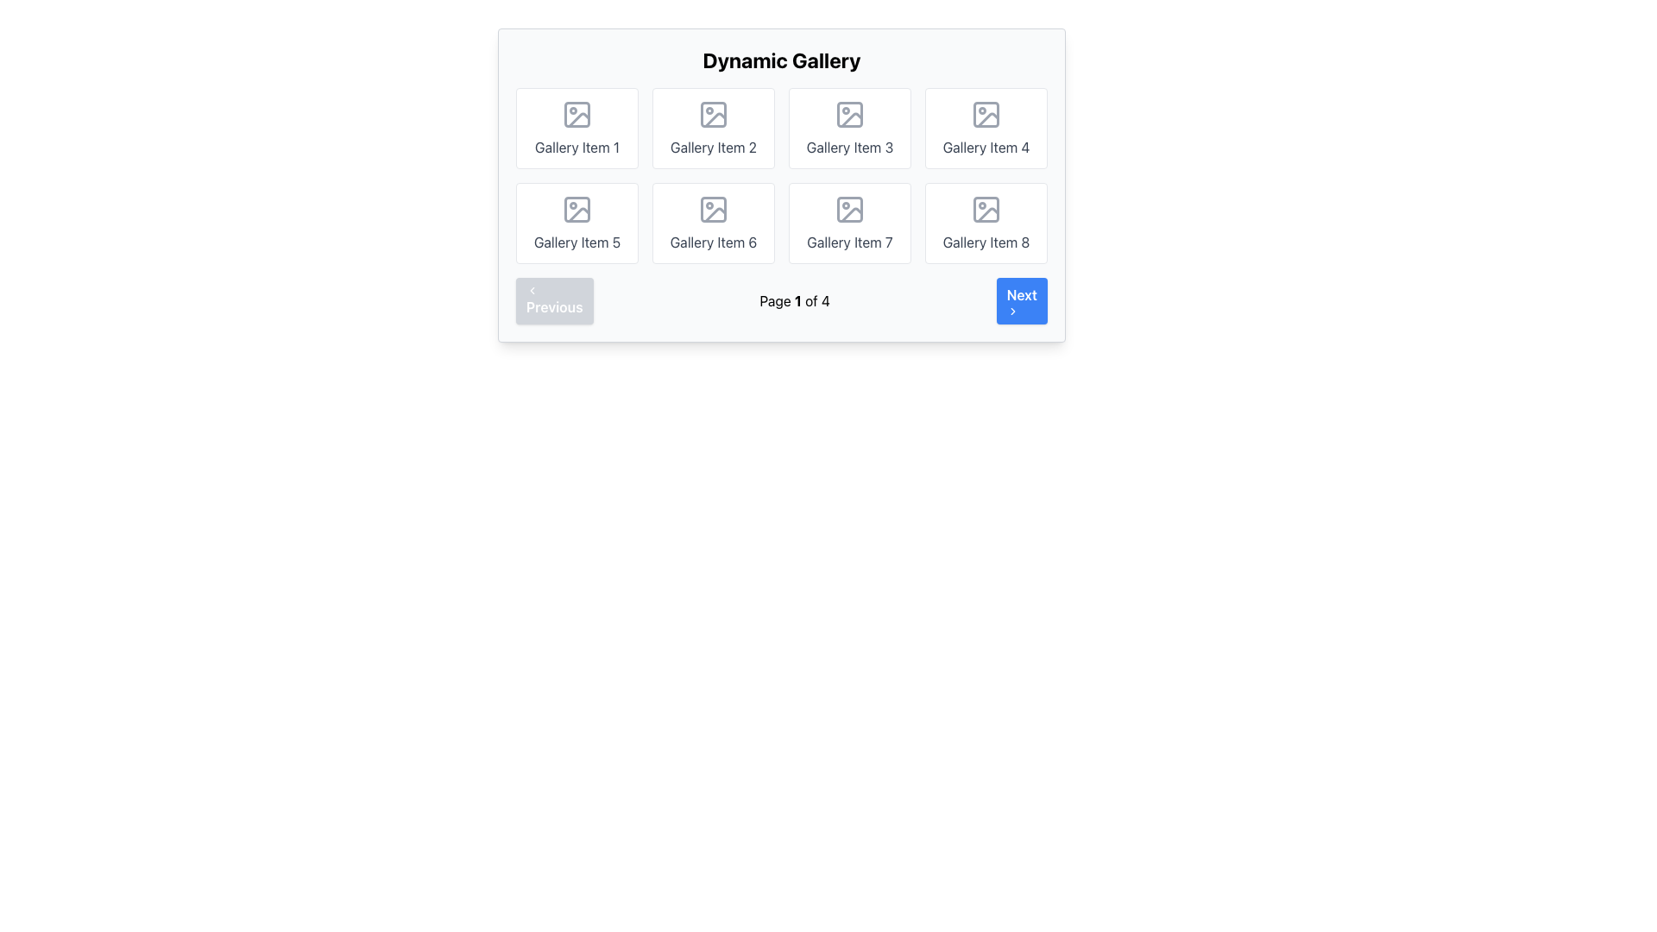 Image resolution: width=1657 pixels, height=932 pixels. Describe the element at coordinates (852, 119) in the screenshot. I see `the Gallery Item 3 icon, which serves as a visual representation of an image within a grid of image placeholders` at that location.